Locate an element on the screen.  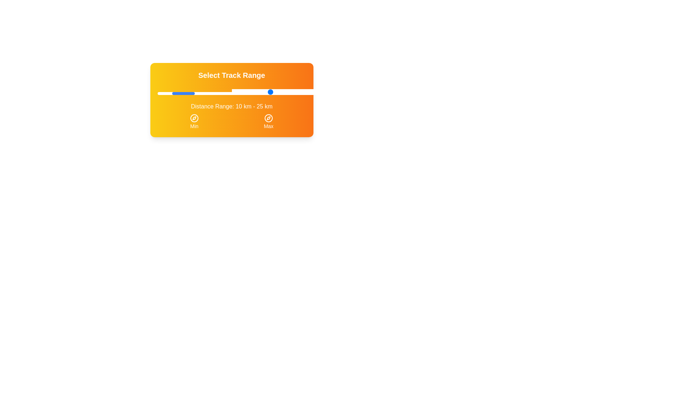
the slider is located at coordinates (356, 92).